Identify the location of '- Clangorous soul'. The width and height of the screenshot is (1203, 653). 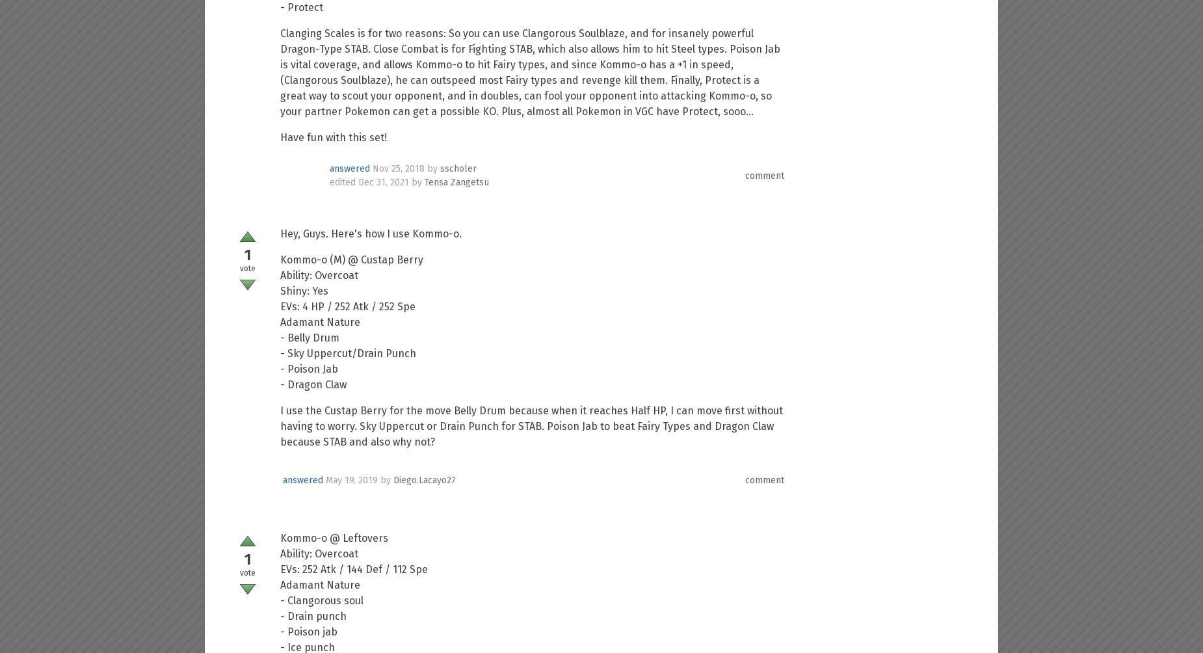
(280, 600).